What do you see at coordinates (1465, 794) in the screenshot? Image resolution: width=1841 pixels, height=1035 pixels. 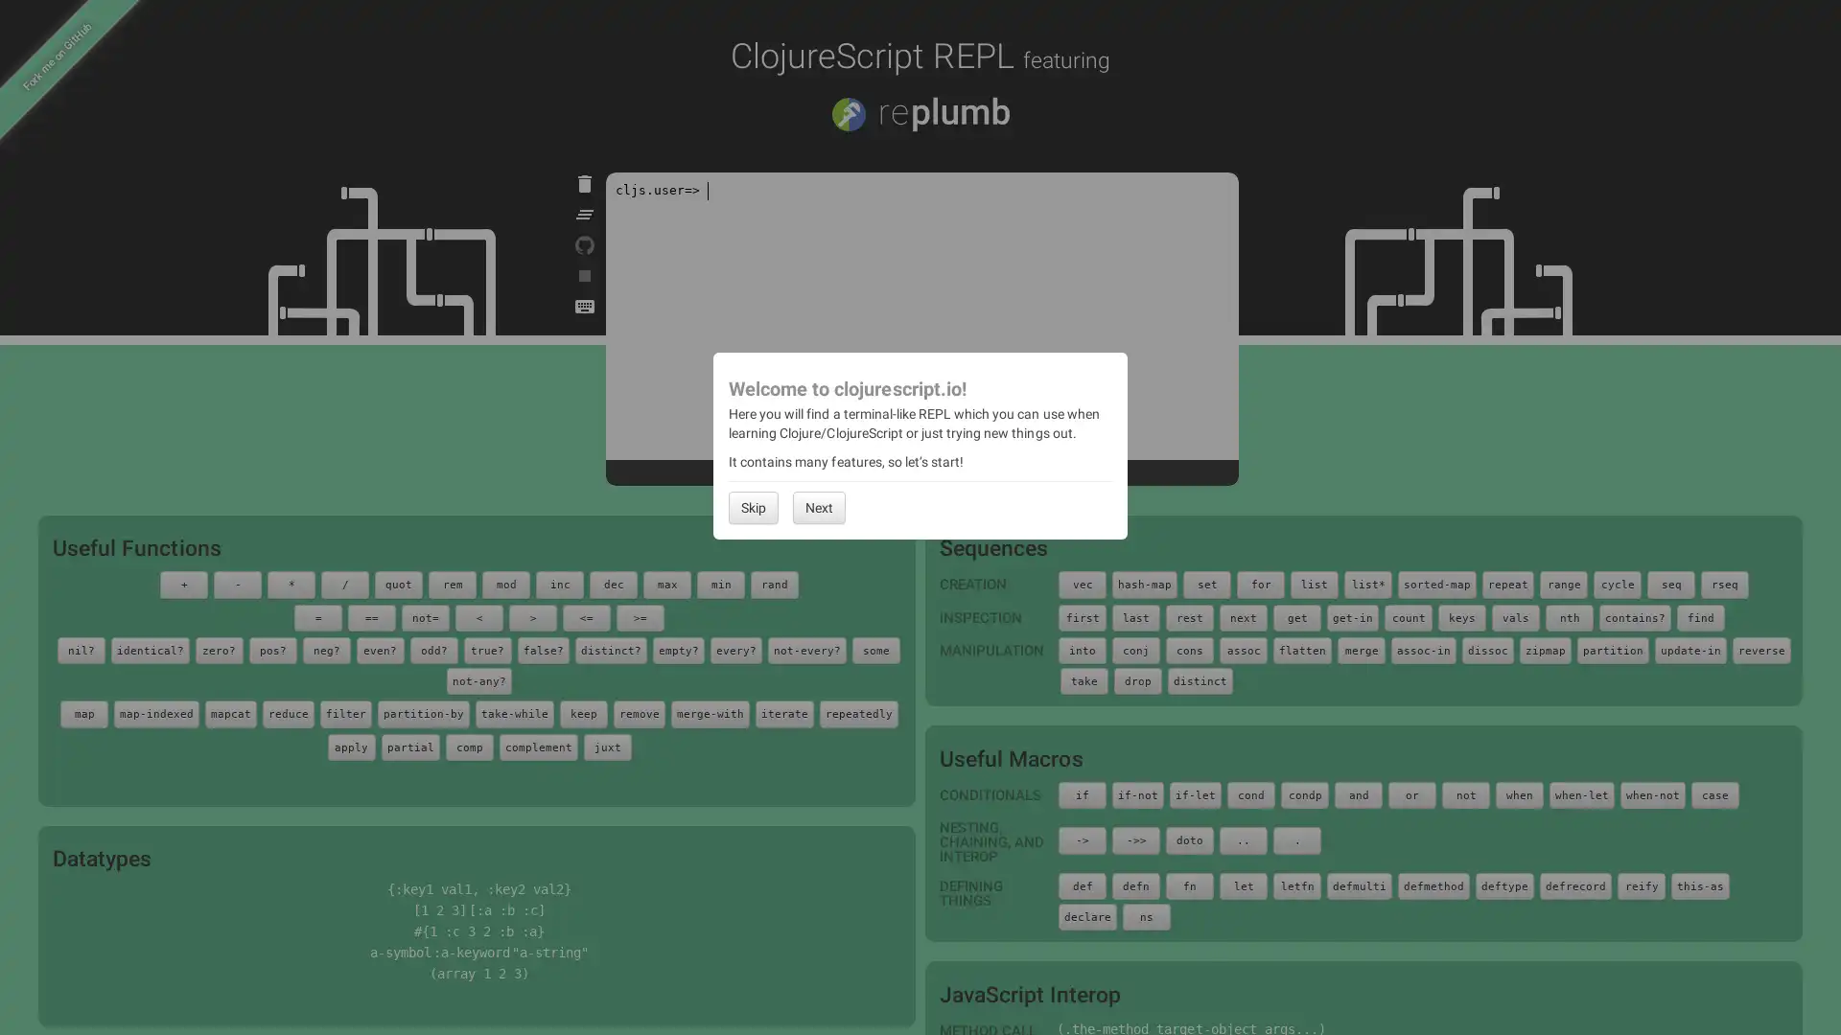 I see `not` at bounding box center [1465, 794].